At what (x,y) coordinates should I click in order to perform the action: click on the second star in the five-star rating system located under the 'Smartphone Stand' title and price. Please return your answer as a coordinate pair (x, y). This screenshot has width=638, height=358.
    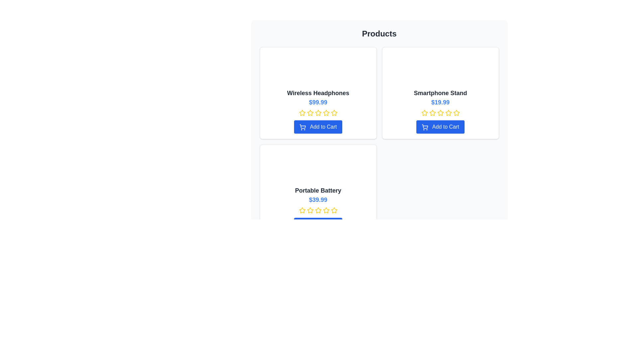
    Looking at the image, I should click on (440, 112).